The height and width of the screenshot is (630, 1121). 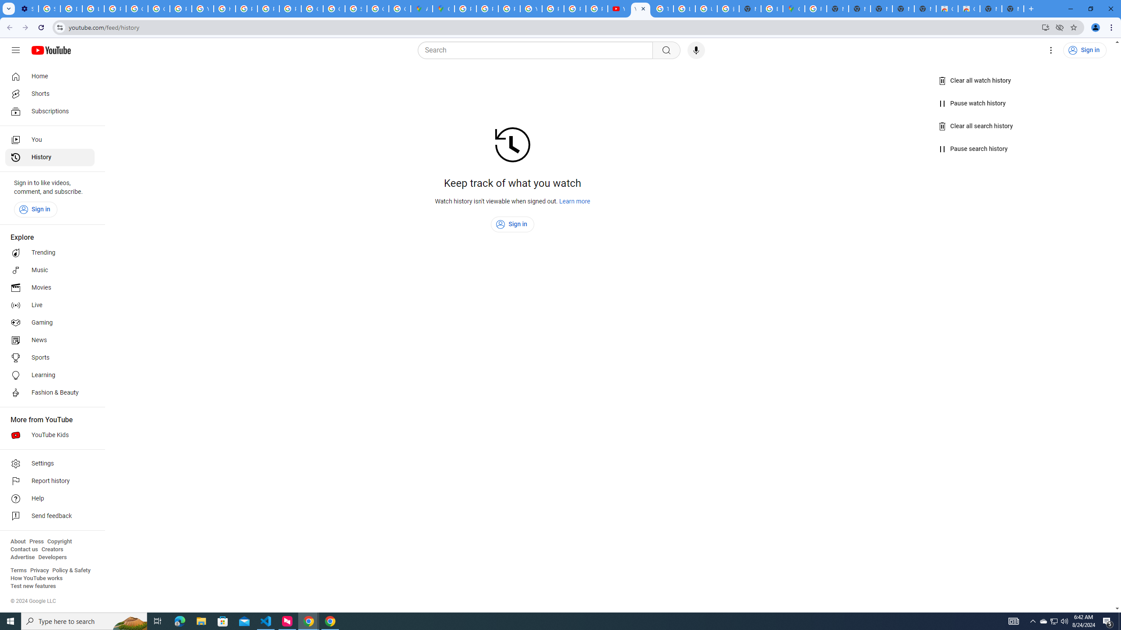 I want to click on 'Classic Blue - Chrome Web Store', so click(x=969, y=8).